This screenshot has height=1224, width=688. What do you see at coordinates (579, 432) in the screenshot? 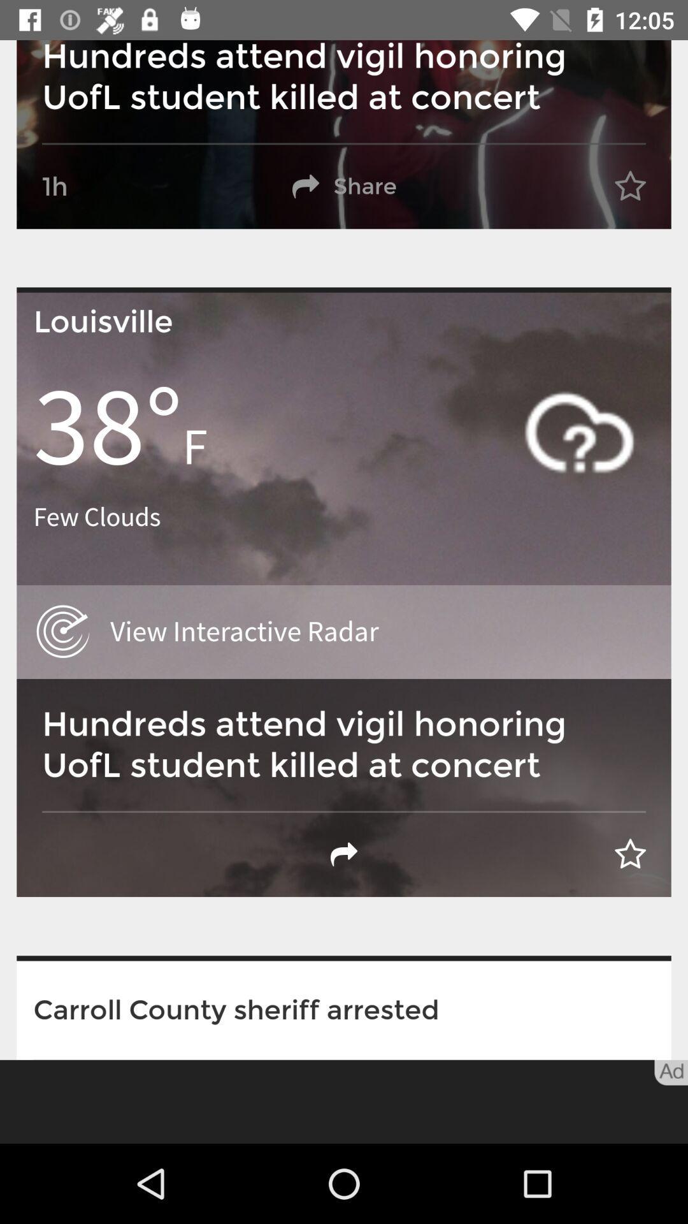
I see `the icon containing  mark` at bounding box center [579, 432].